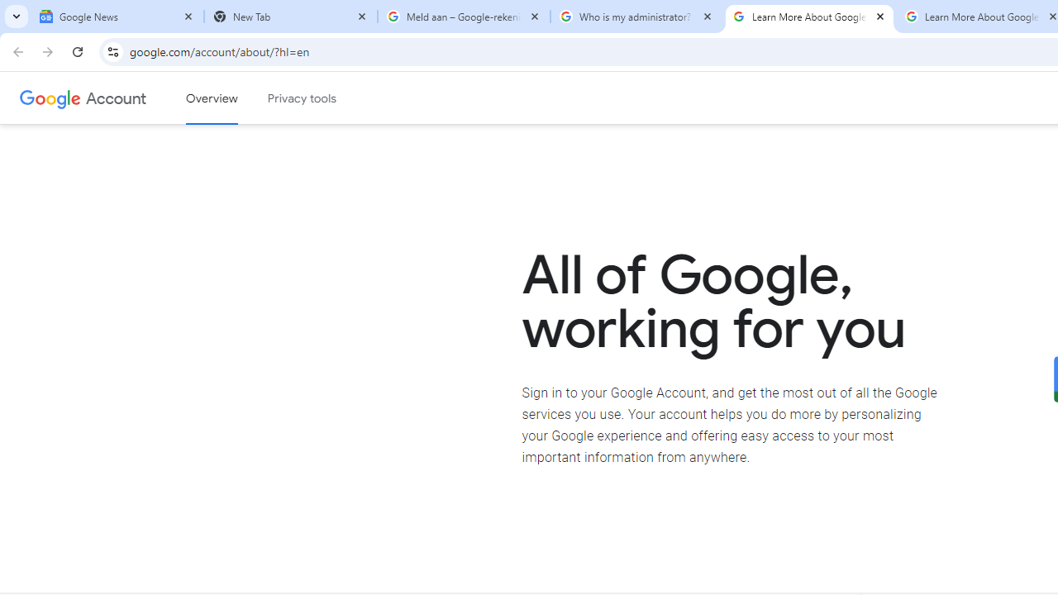  I want to click on 'Google Account overview', so click(211, 98).